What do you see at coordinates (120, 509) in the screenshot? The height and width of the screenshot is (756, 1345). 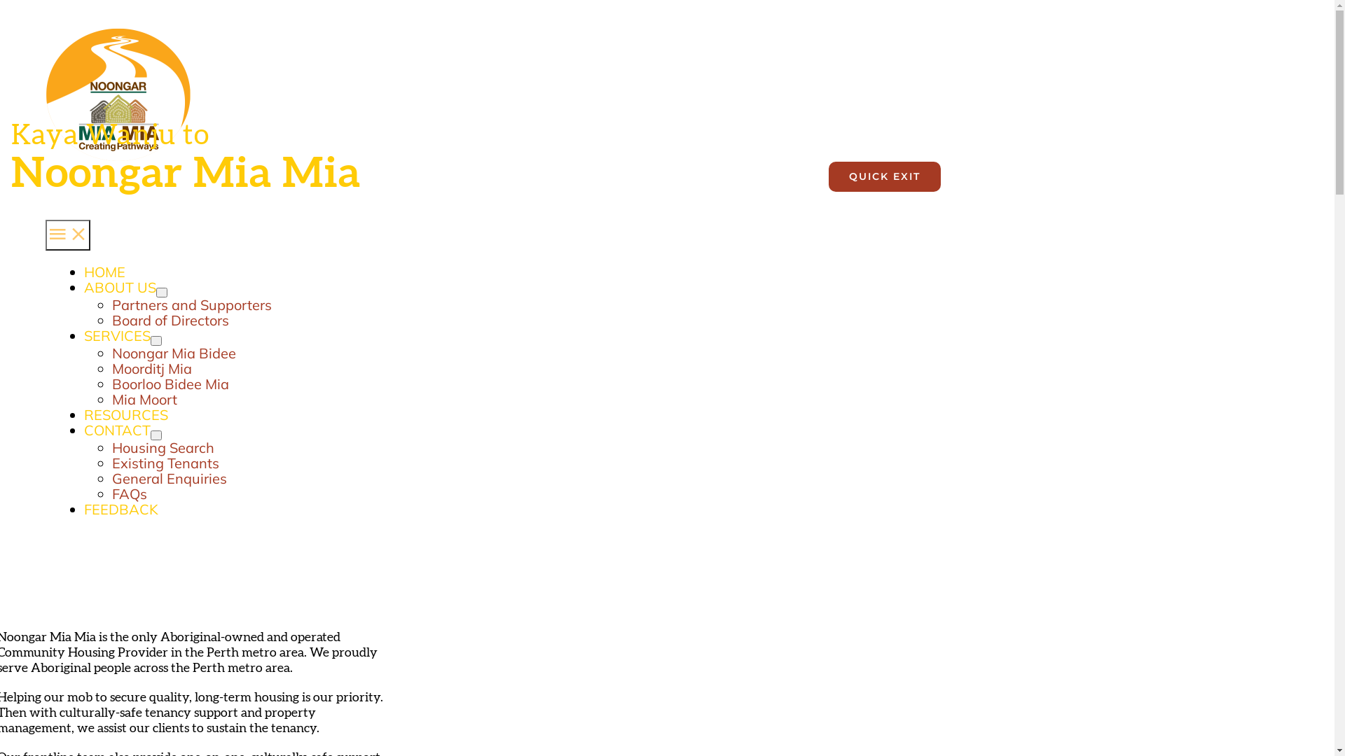 I see `'FEEDBACK'` at bounding box center [120, 509].